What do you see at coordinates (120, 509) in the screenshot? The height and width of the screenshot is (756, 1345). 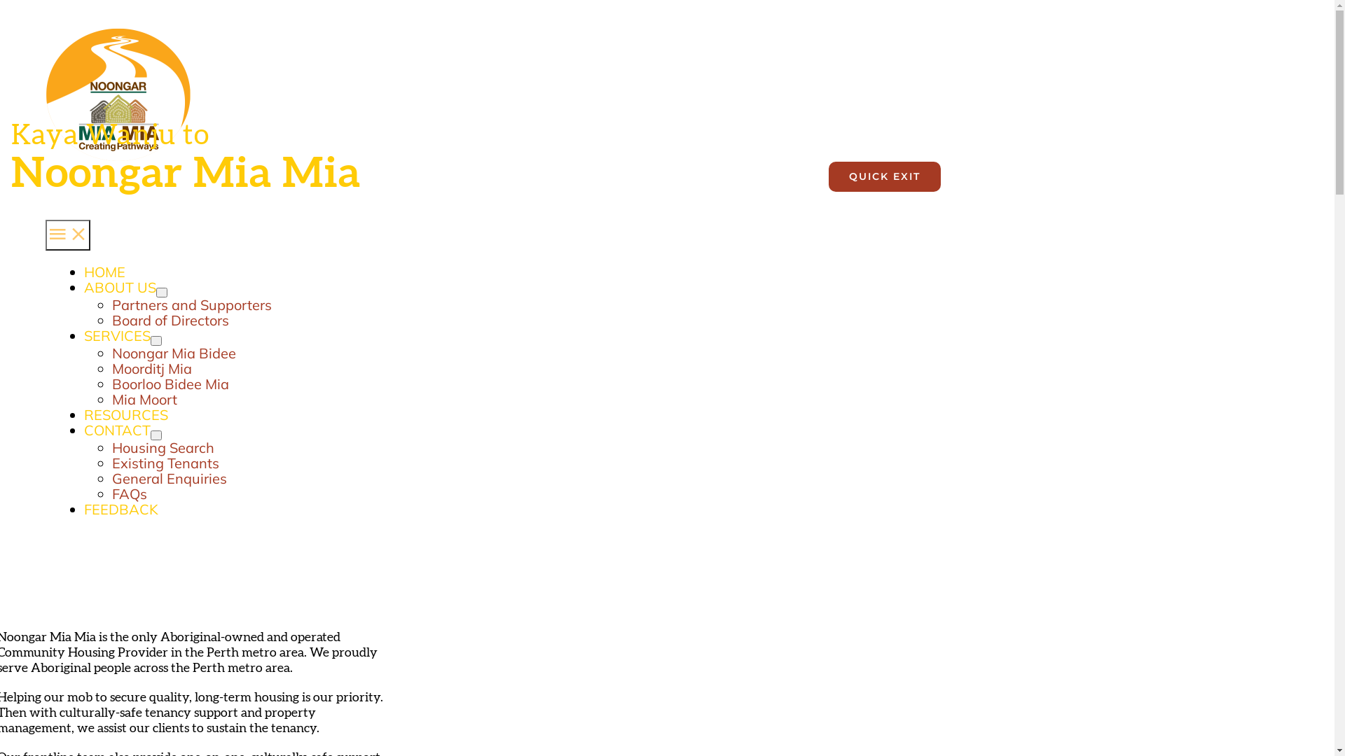 I see `'FEEDBACK'` at bounding box center [120, 509].